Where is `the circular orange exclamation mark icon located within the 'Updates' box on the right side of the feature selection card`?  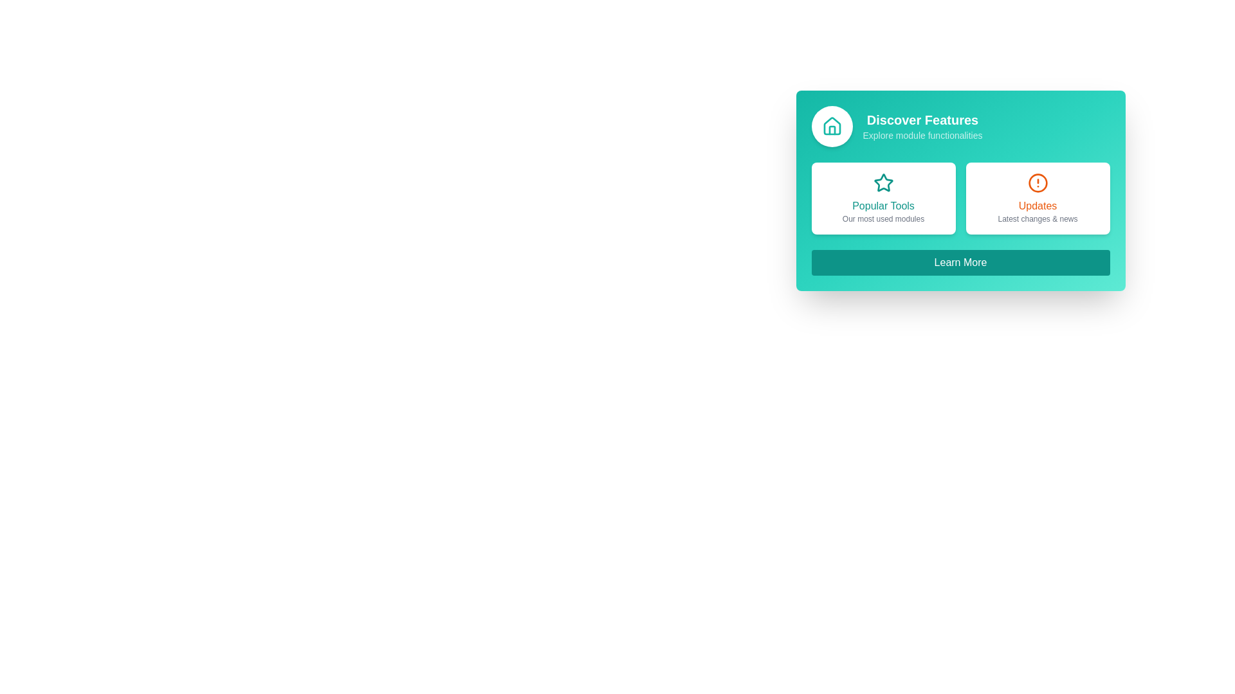
the circular orange exclamation mark icon located within the 'Updates' box on the right side of the feature selection card is located at coordinates (1038, 183).